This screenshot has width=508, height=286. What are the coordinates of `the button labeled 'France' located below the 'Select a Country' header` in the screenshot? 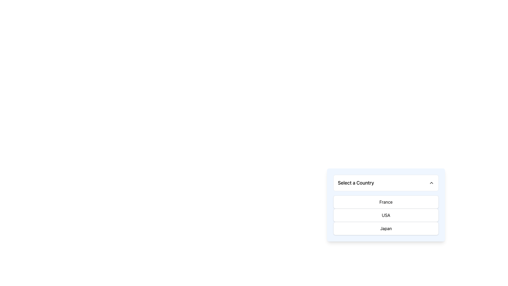 It's located at (386, 202).